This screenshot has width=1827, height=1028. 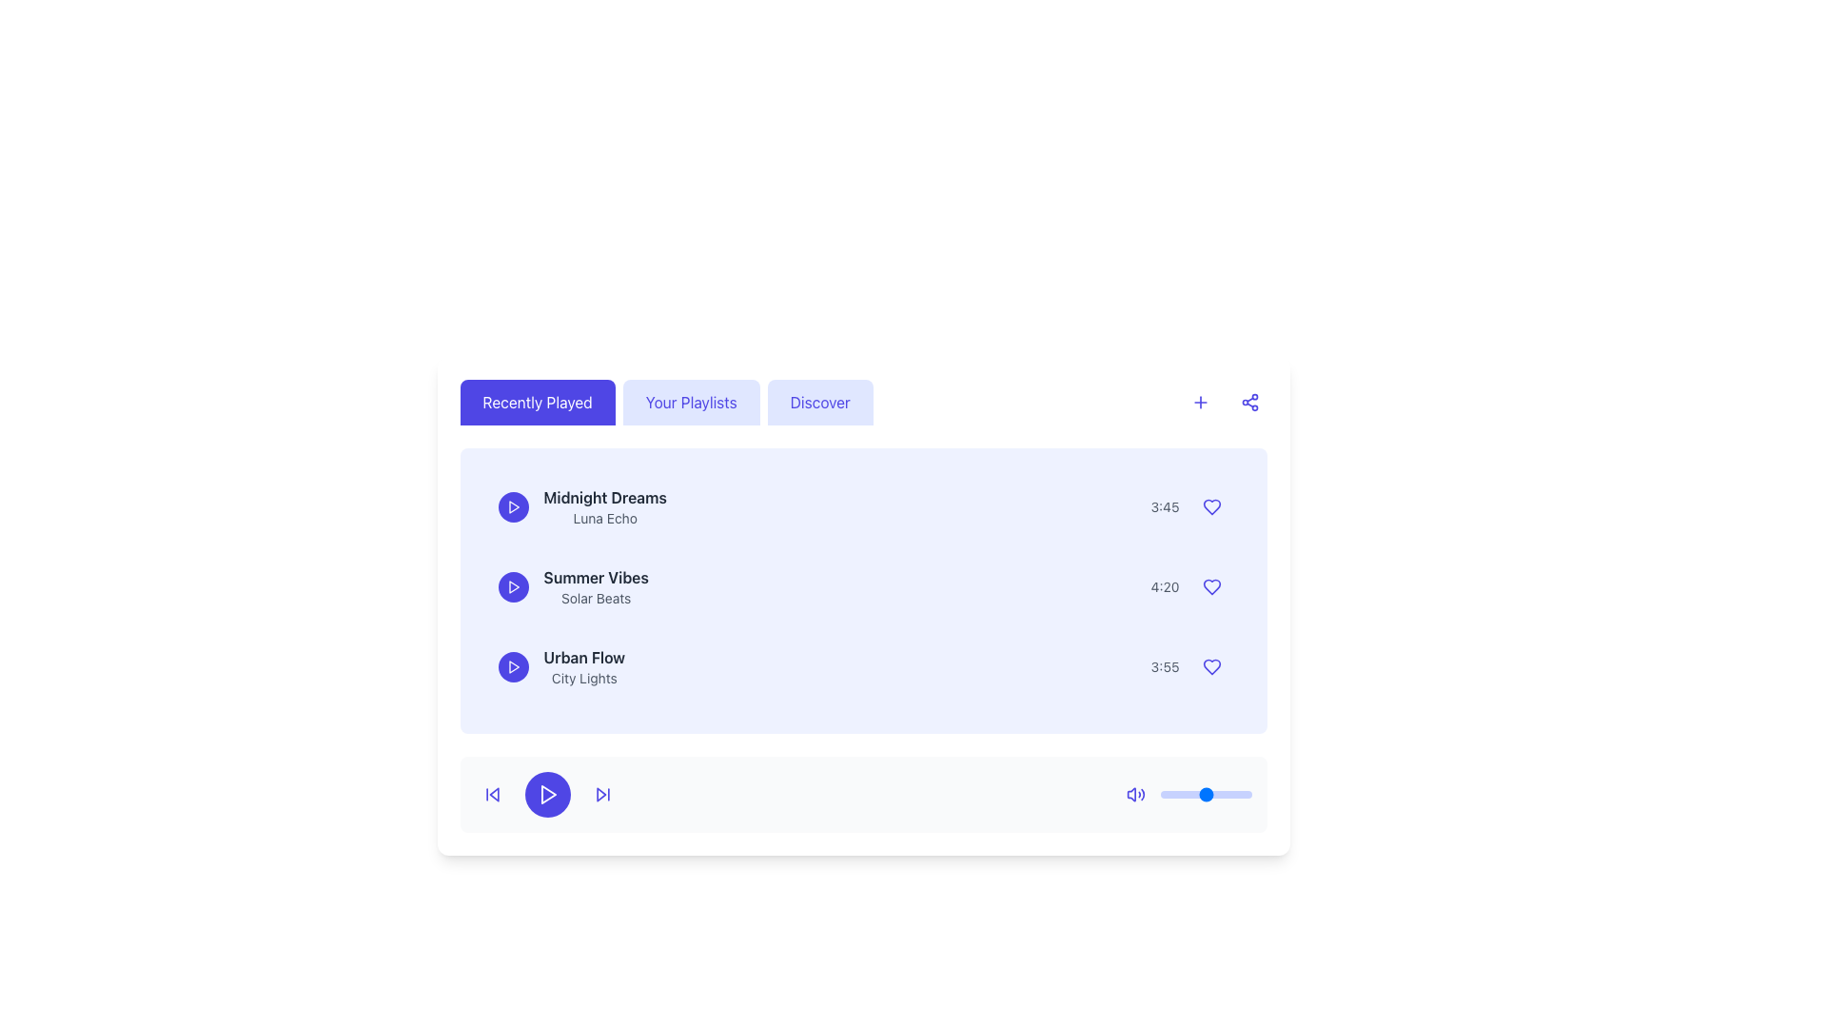 What do you see at coordinates (583, 678) in the screenshot?
I see `the text label displaying 'City Lights', which is located below 'Urban Flow' in a vertical playlist interface` at bounding box center [583, 678].